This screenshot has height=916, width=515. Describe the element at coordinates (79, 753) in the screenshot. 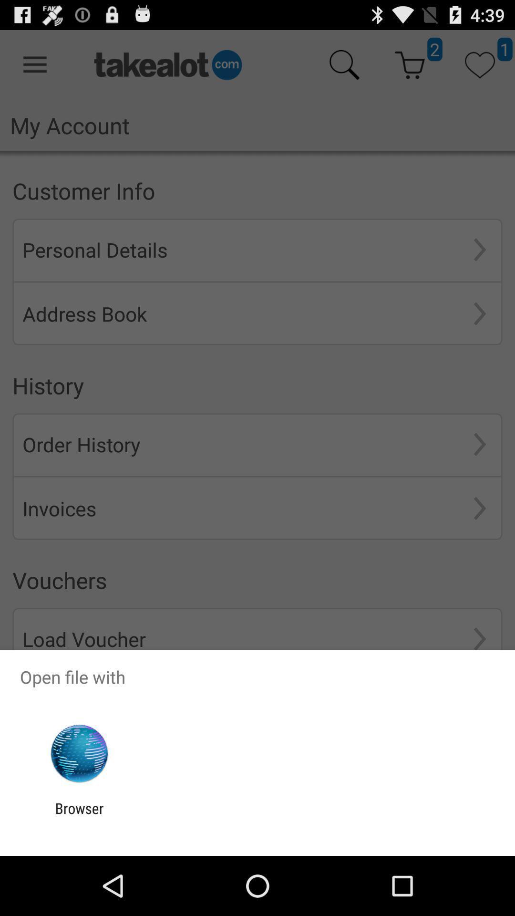

I see `item below open file with item` at that location.